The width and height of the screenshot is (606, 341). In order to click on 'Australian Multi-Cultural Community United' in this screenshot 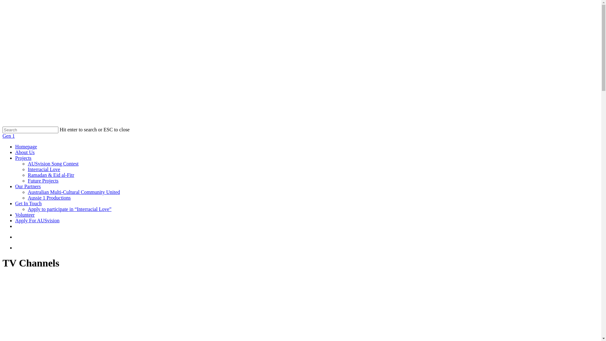, I will do `click(27, 192)`.